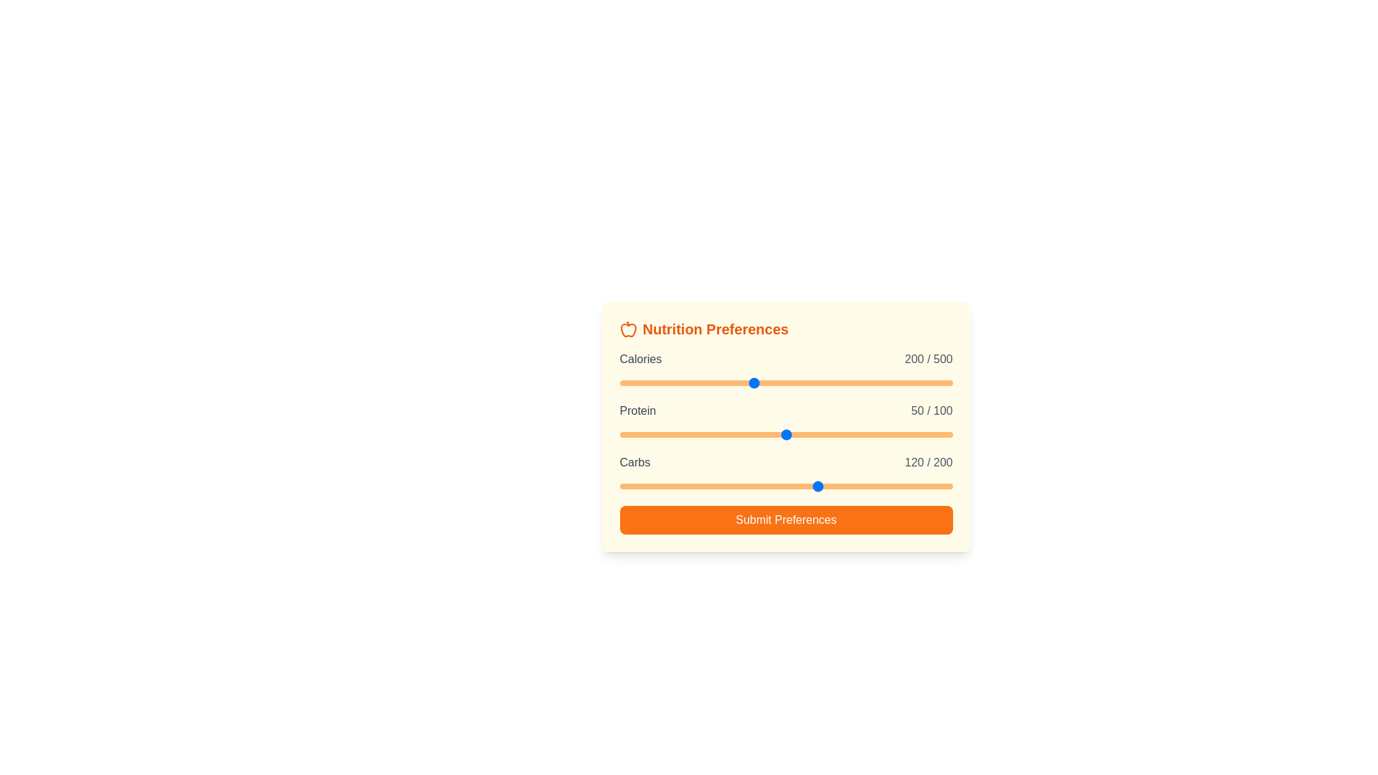 Image resolution: width=1378 pixels, height=775 pixels. What do you see at coordinates (932, 382) in the screenshot?
I see `calorie intake` at bounding box center [932, 382].